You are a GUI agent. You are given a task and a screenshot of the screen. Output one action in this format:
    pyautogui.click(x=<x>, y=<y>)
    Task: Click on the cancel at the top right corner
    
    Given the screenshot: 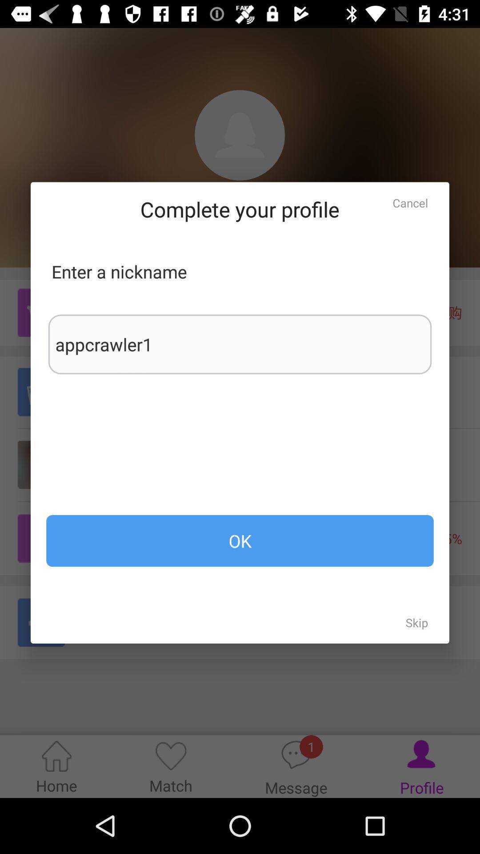 What is the action you would take?
    pyautogui.click(x=410, y=202)
    